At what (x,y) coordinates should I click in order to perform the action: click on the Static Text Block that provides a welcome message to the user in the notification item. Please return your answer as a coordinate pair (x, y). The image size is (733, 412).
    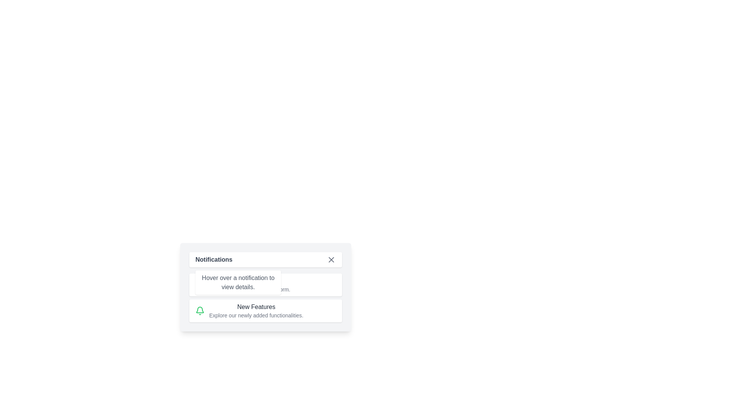
    Looking at the image, I should click on (250, 285).